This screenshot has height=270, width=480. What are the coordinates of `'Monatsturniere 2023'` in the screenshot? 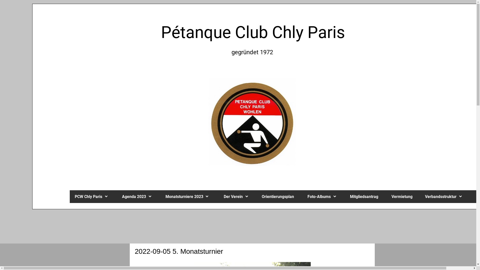 It's located at (189, 196).